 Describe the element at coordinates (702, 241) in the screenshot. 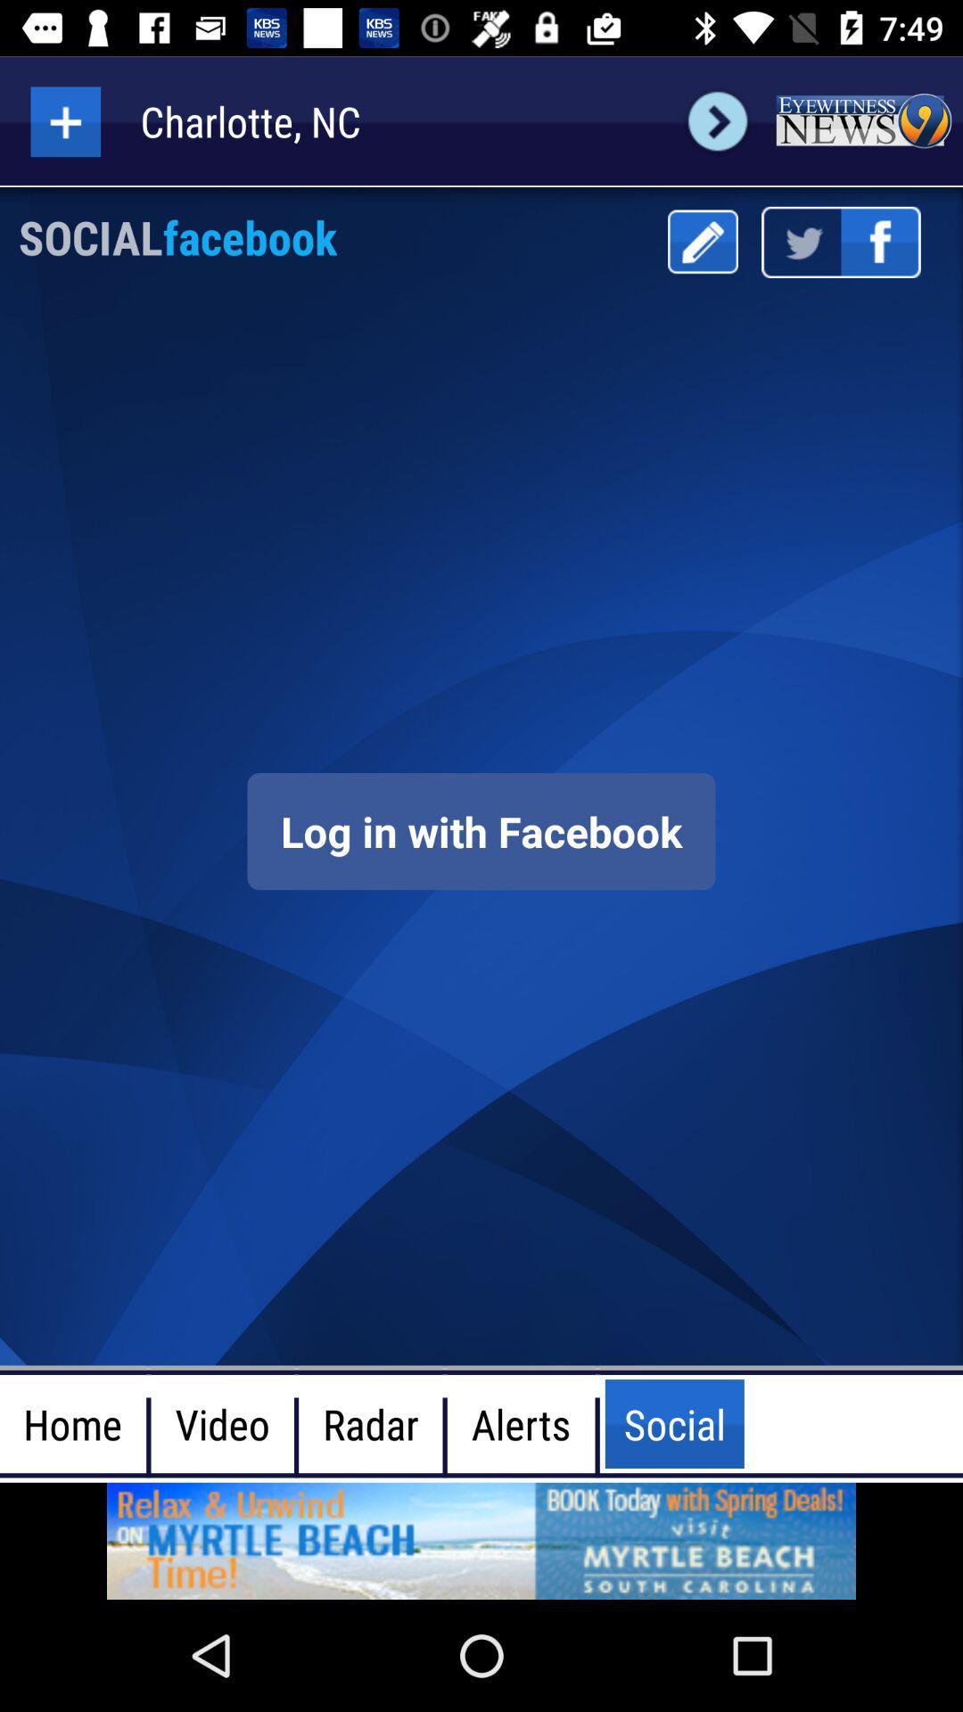

I see `email share` at that location.